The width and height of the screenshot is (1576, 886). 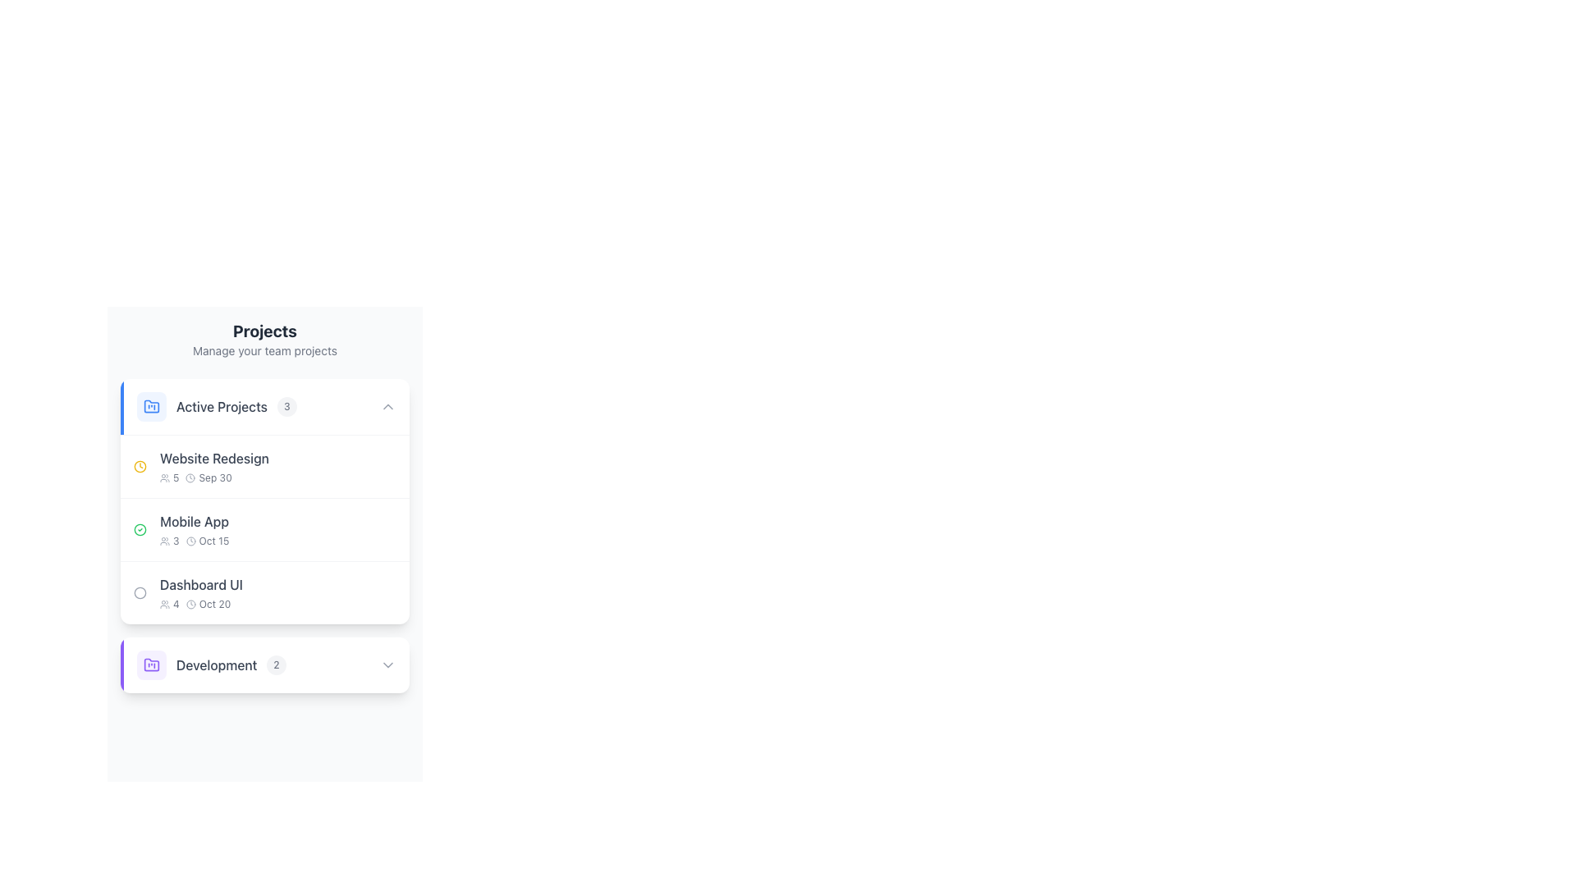 I want to click on the toggle button at the rightmost edge of the 'Development' section, so click(x=387, y=664).